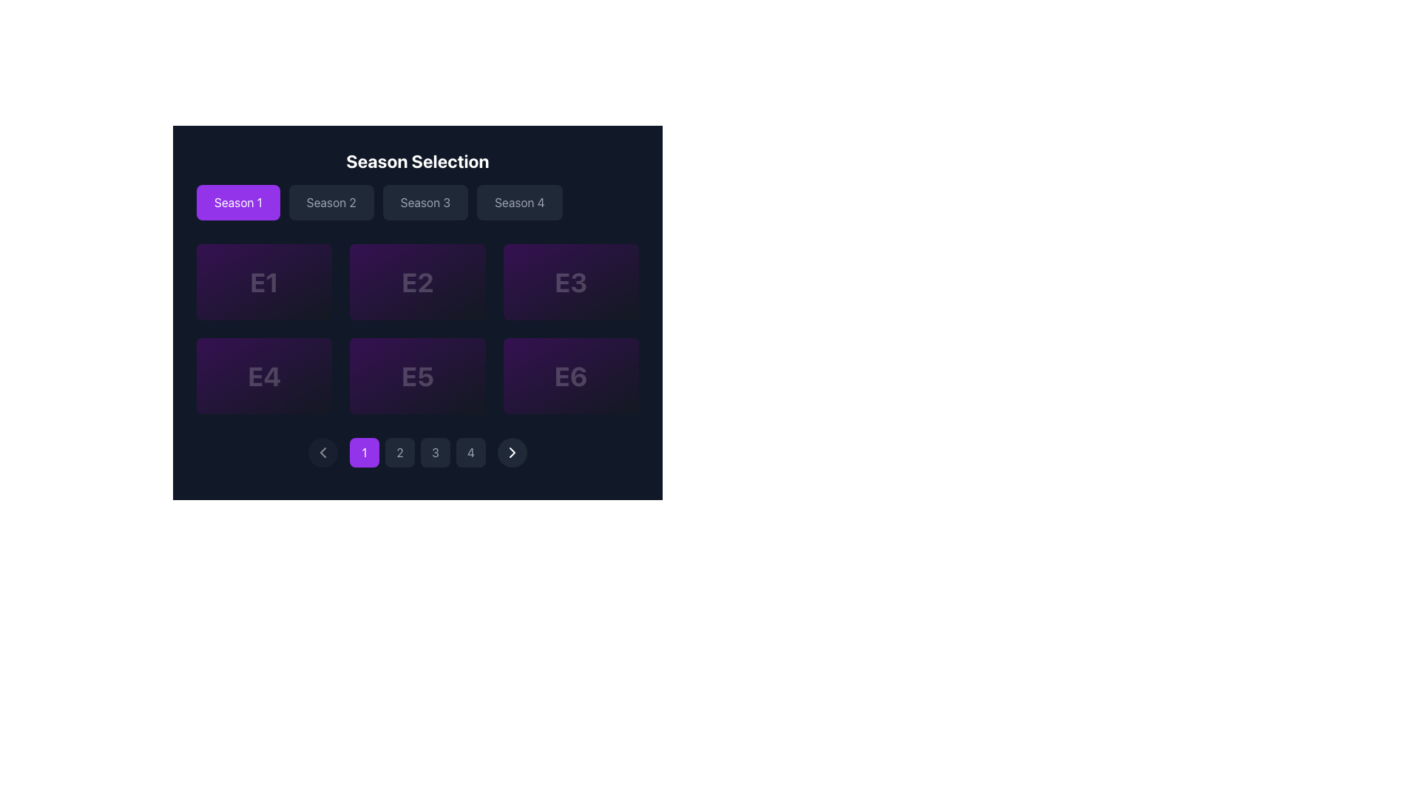  Describe the element at coordinates (512, 452) in the screenshot. I see `the navigation button located in the bottom-right corner of the pagination control bar` at that location.